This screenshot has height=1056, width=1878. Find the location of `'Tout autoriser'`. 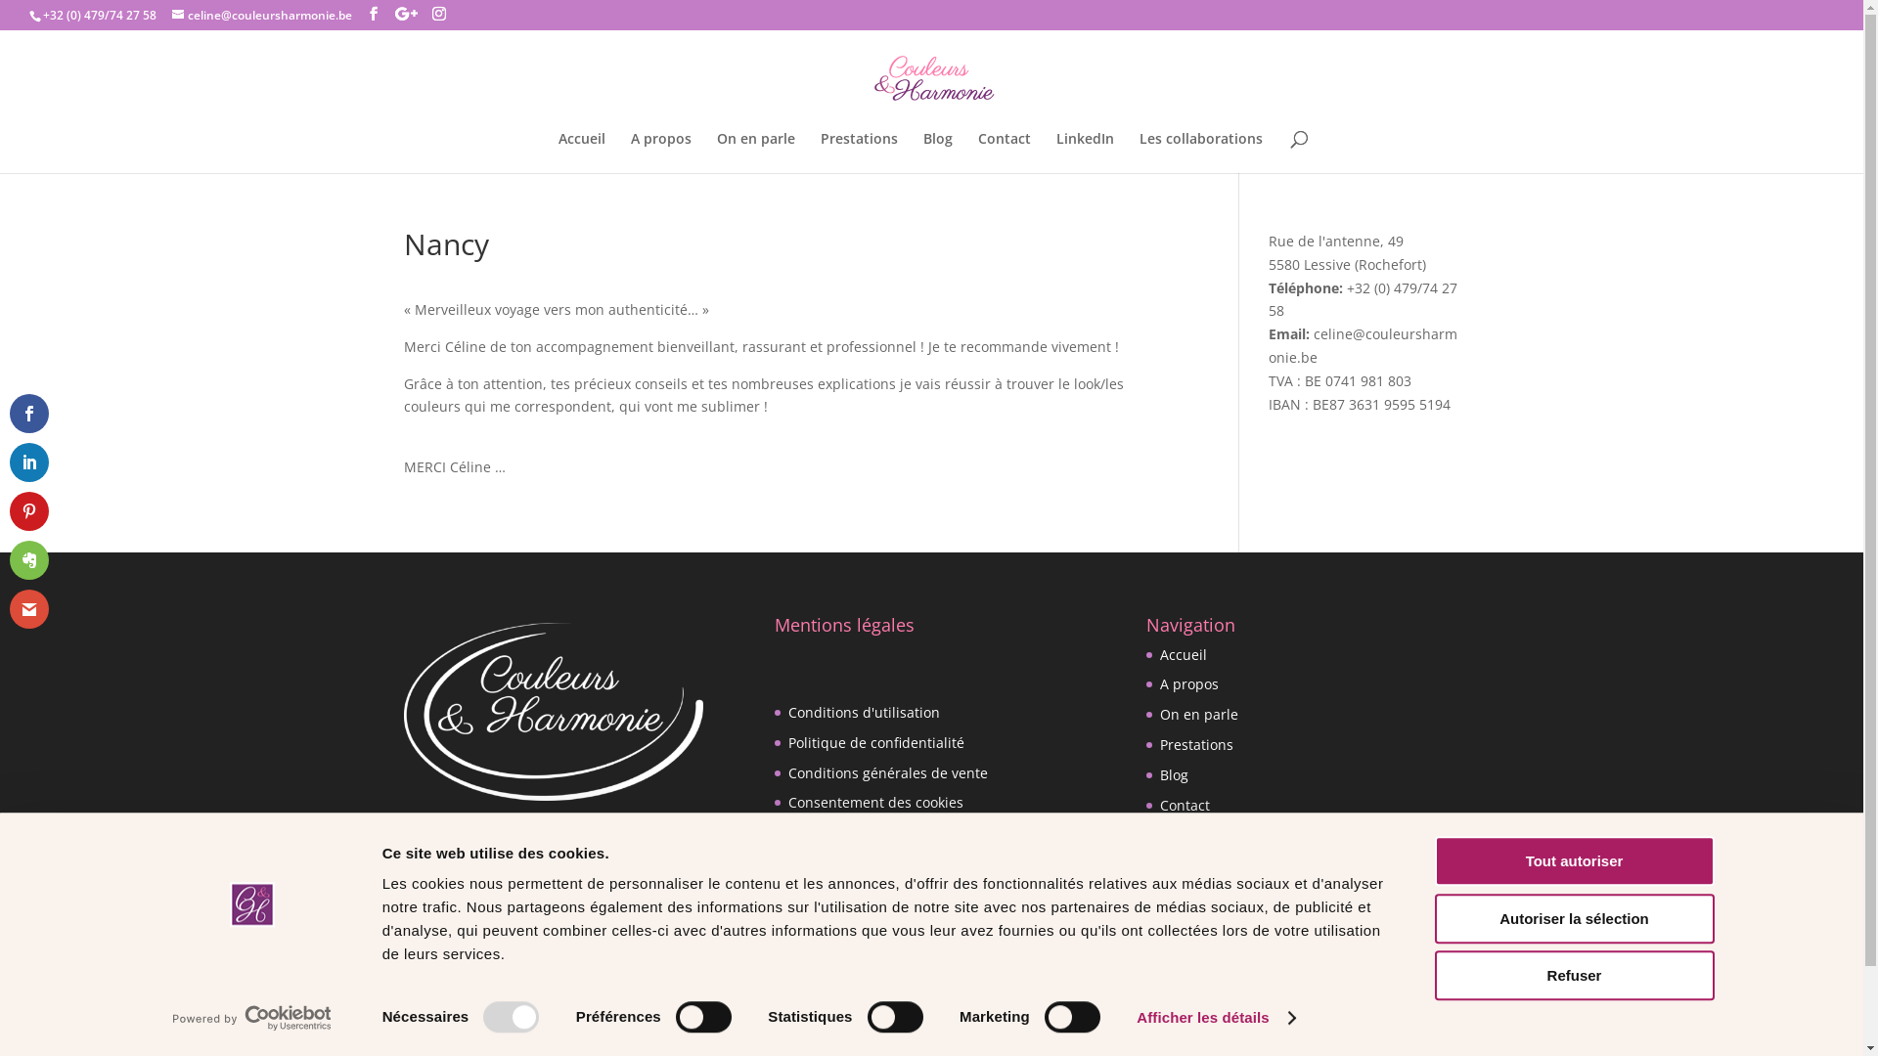

'Tout autoriser' is located at coordinates (1573, 859).